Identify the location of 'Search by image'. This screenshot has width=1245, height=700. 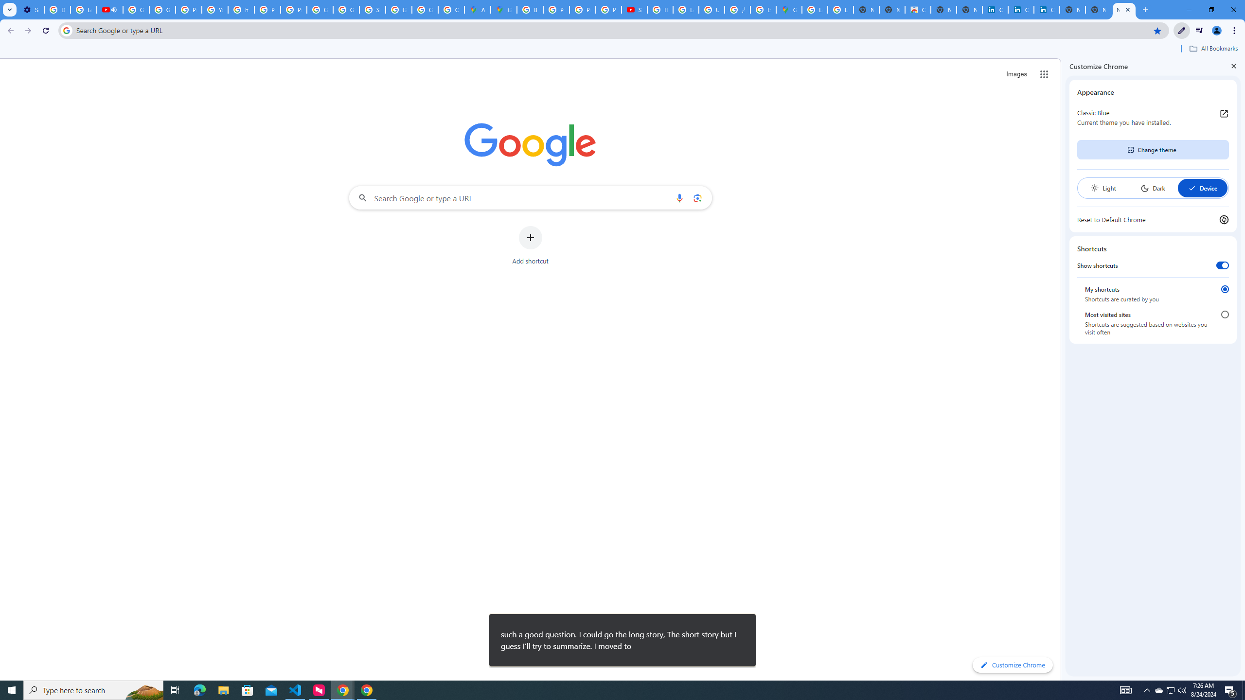
(697, 197).